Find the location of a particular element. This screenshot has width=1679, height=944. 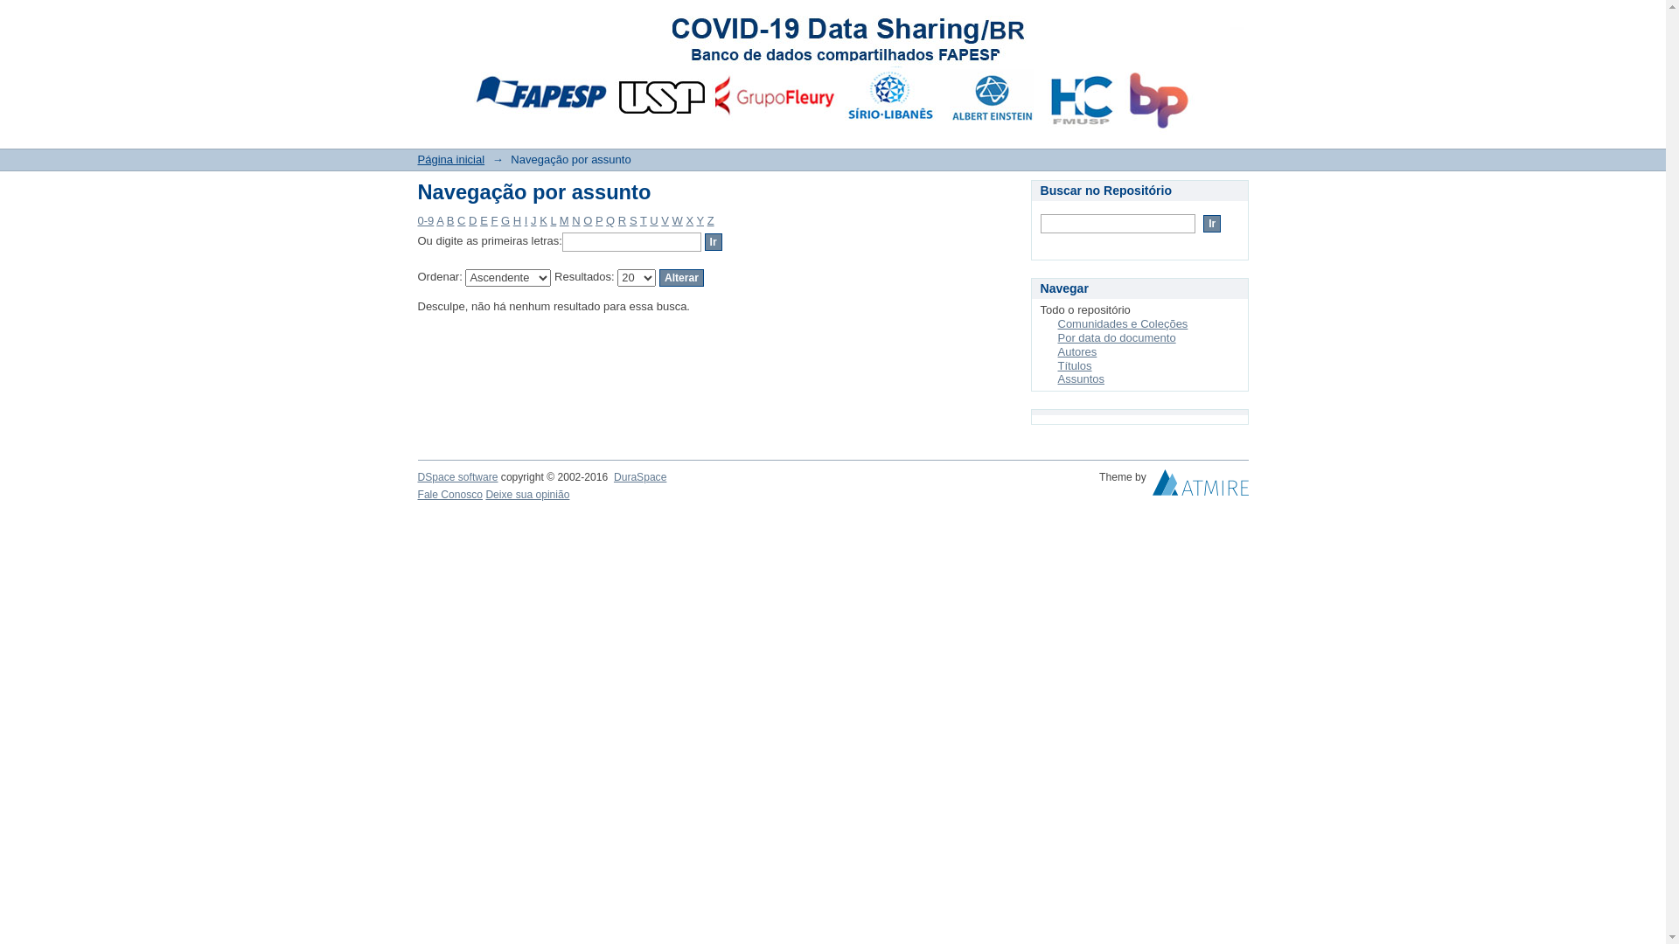

'Q' is located at coordinates (610, 219).